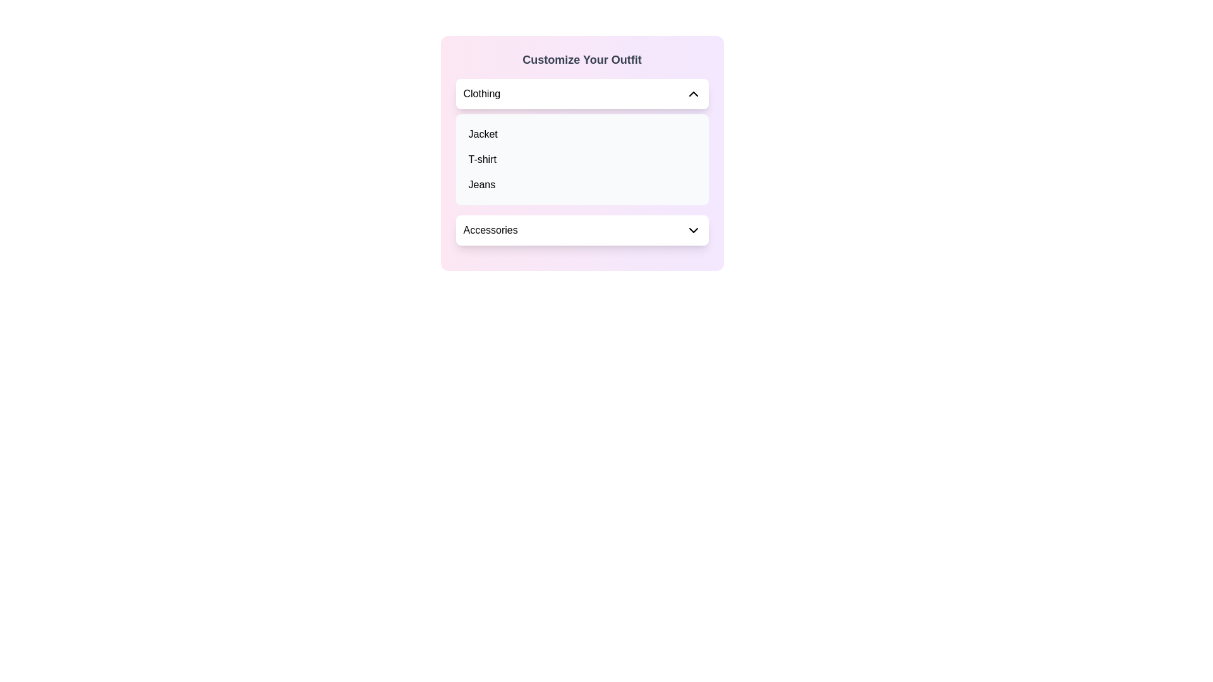 The image size is (1213, 682). I want to click on the dropdown menu located at the top of the clothing categories, which allows users, so click(581, 93).